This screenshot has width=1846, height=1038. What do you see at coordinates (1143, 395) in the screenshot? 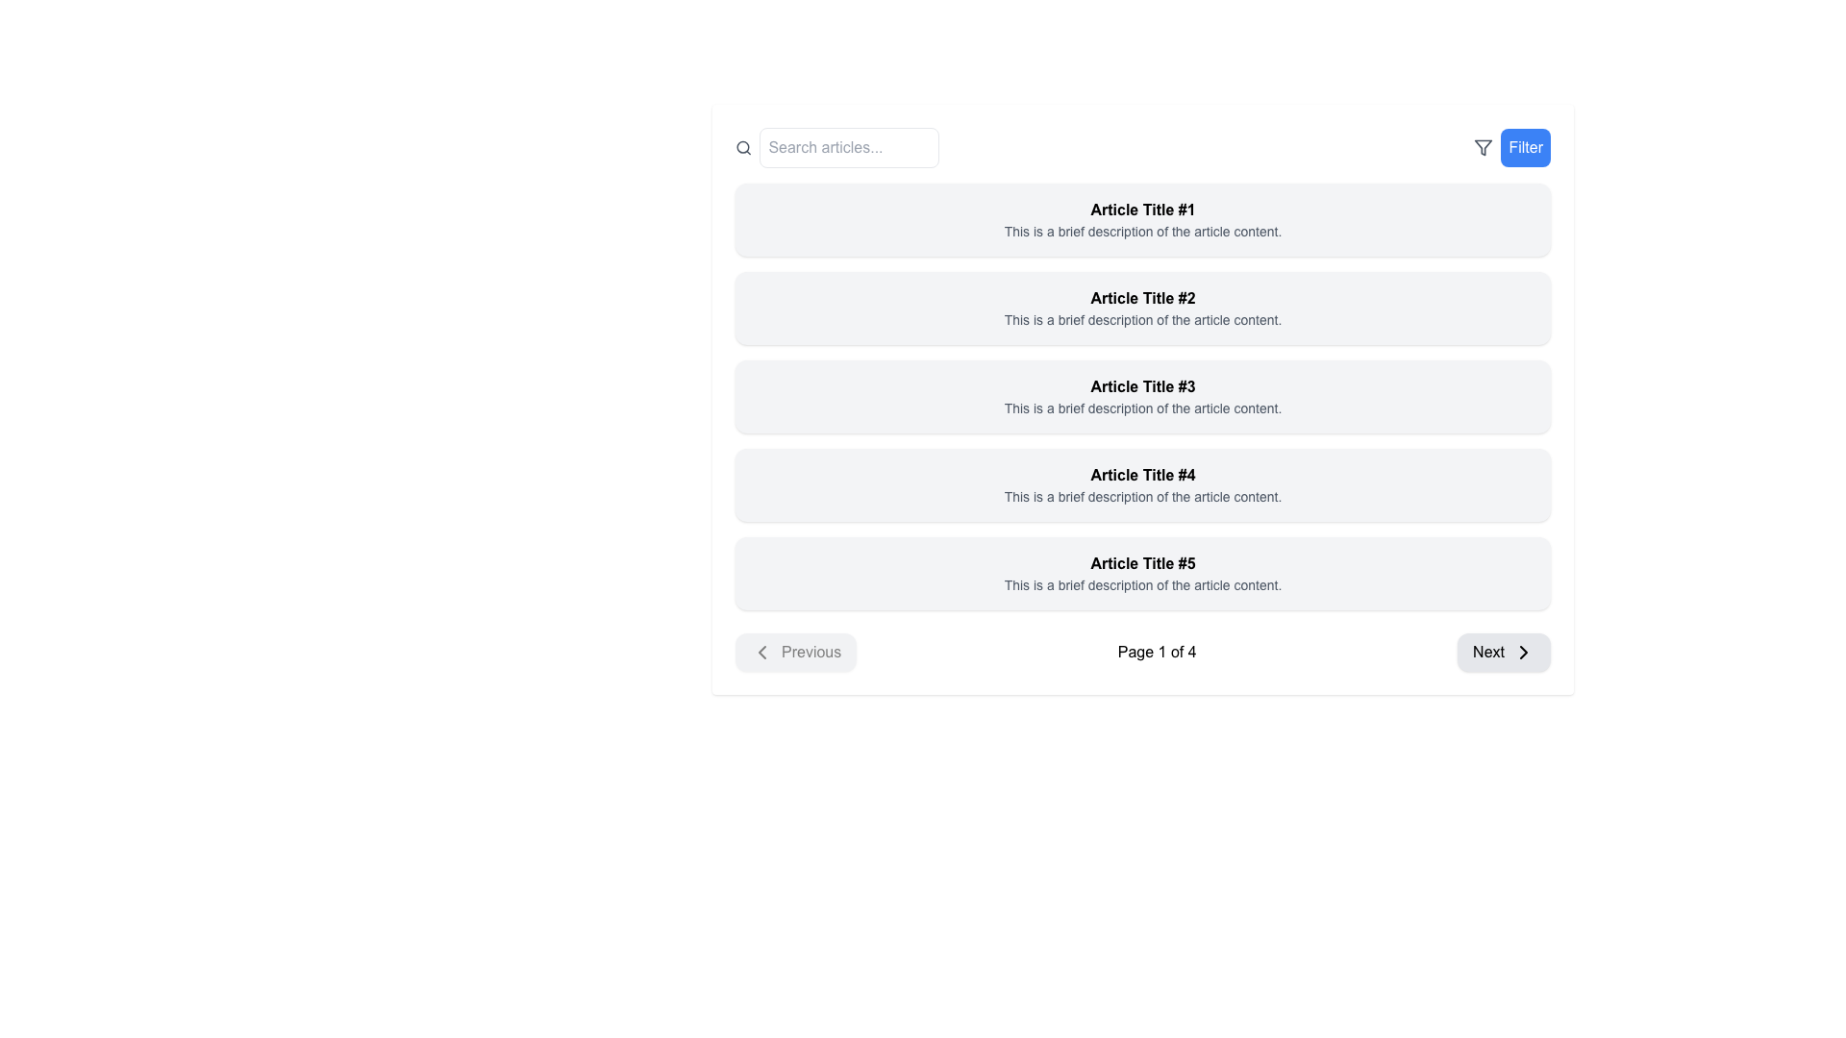
I see `the third list item that presents article information` at bounding box center [1143, 395].